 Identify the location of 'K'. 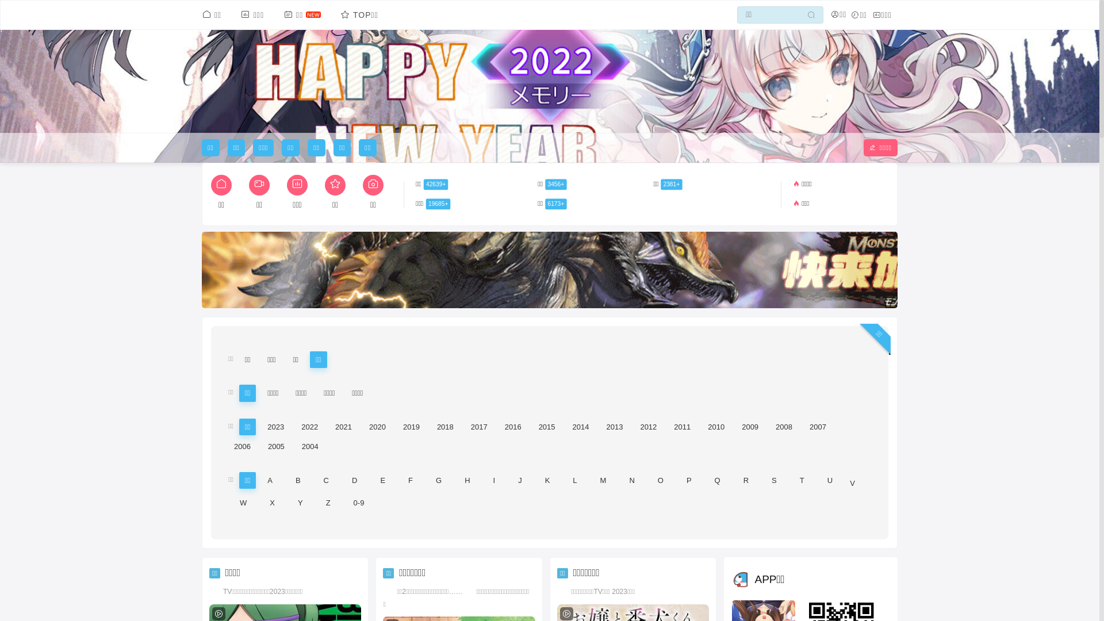
(547, 480).